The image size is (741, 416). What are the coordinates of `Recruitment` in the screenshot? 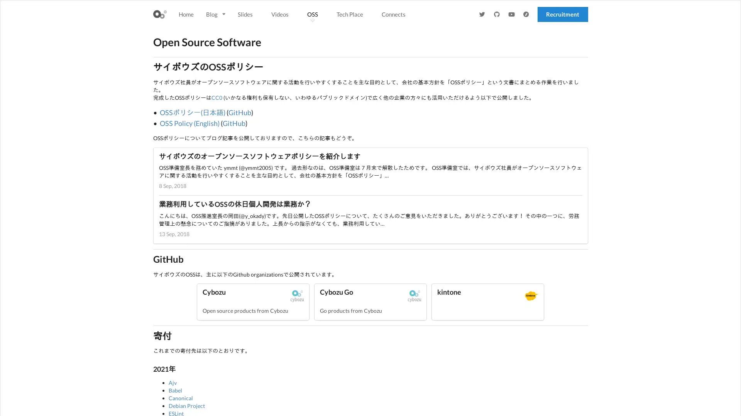 It's located at (562, 14).